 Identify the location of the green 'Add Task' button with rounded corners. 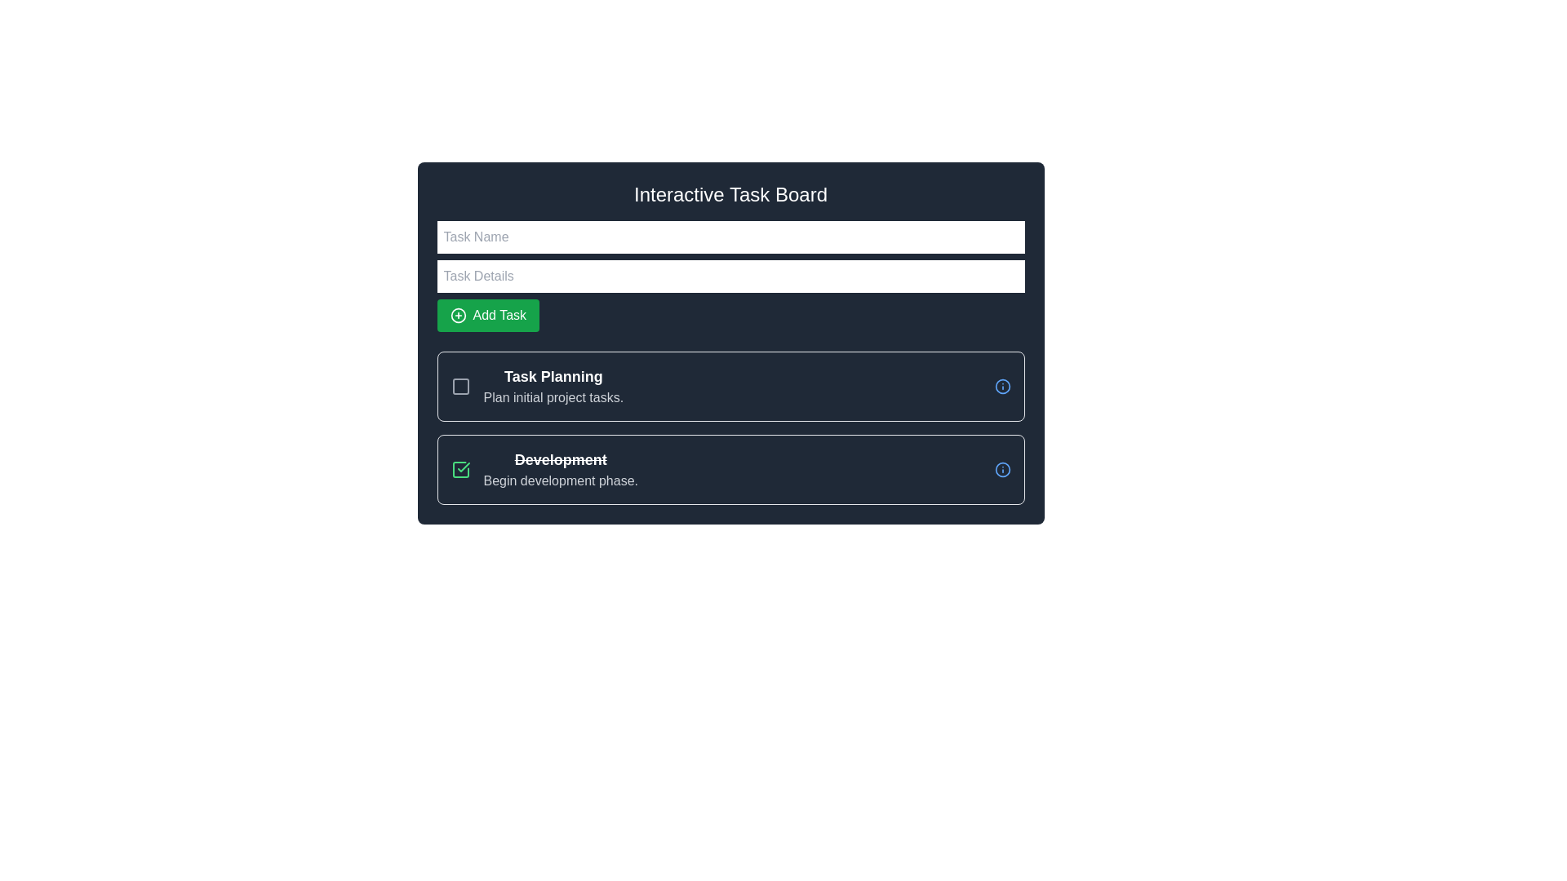
(487, 315).